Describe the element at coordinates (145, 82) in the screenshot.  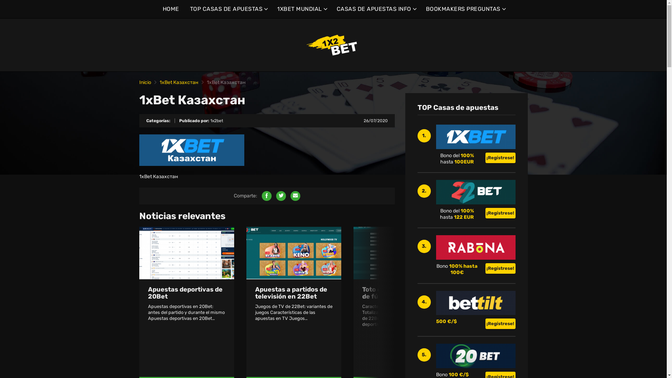
I see `'Inicio'` at that location.